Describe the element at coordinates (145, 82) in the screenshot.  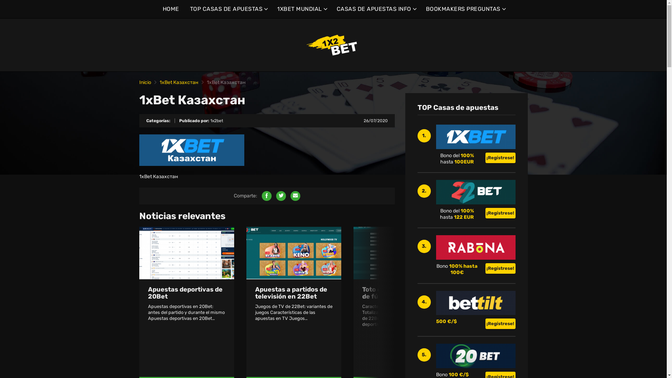
I see `'Inicio'` at that location.